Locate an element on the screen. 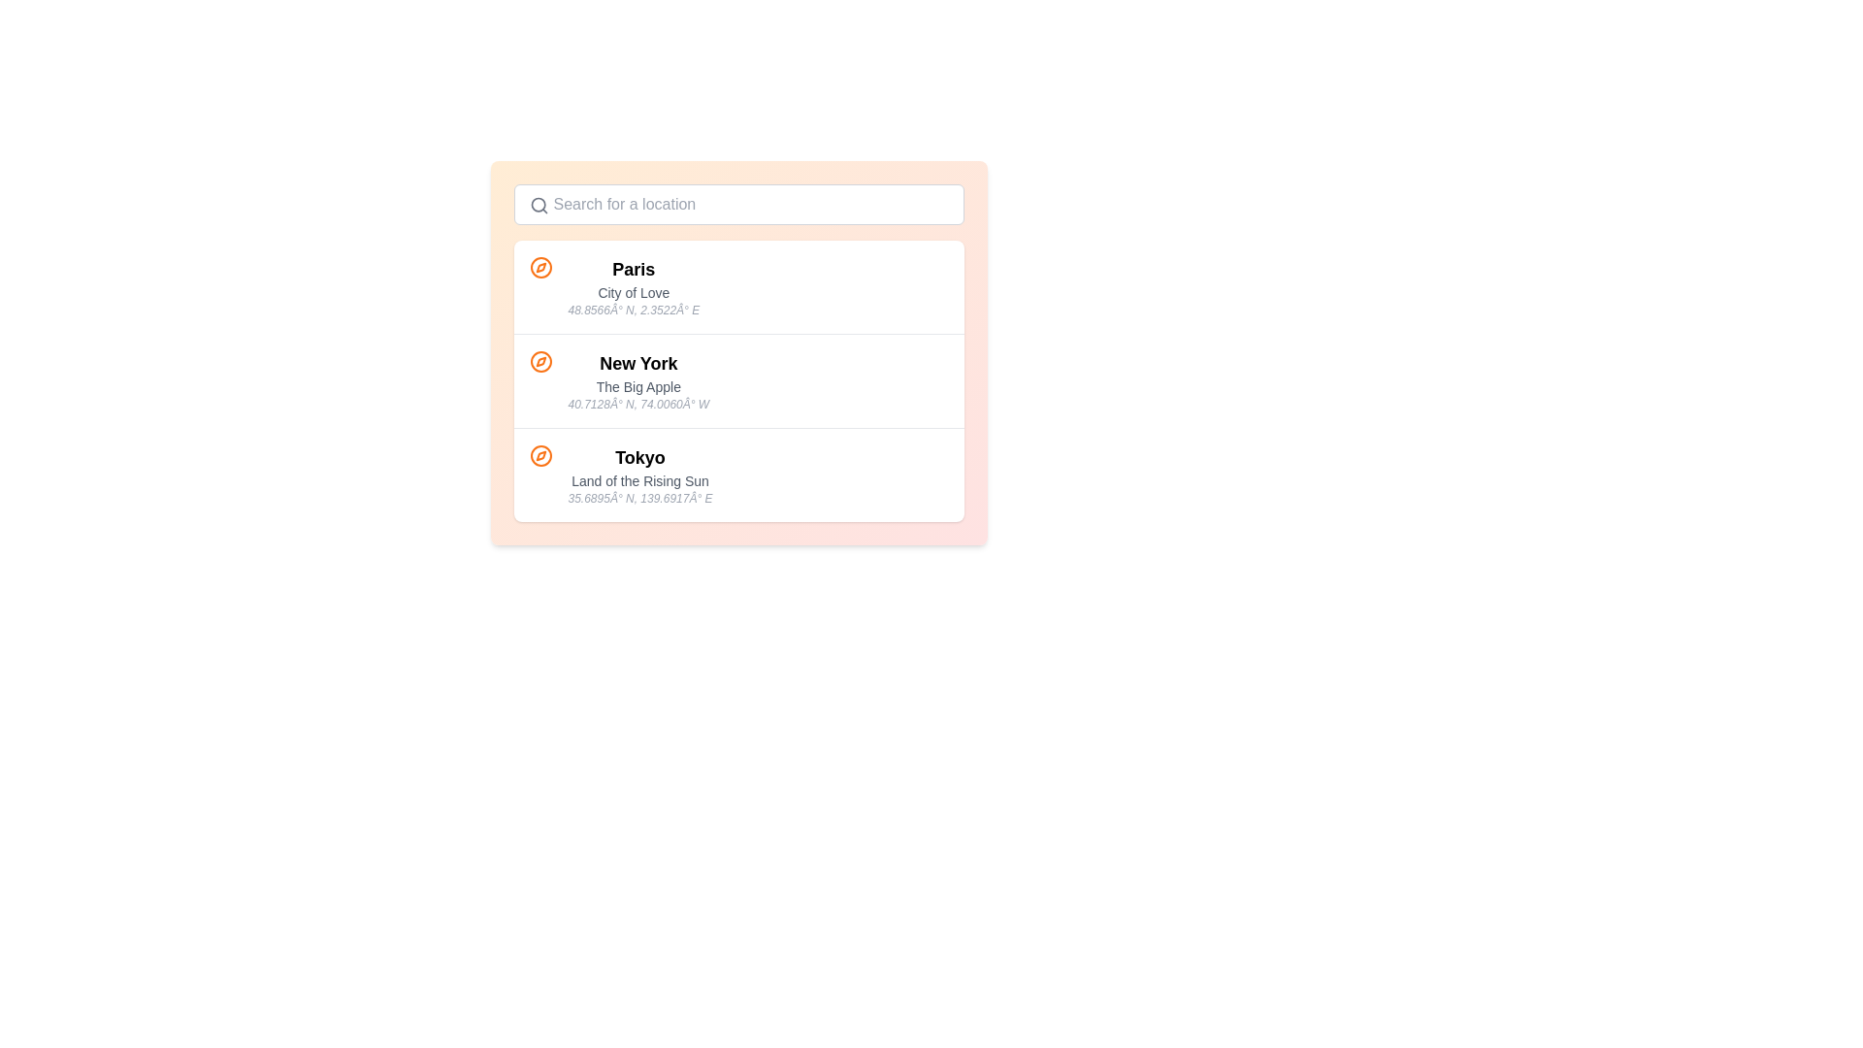  the orange compass icon located to the left of the text 'Paris', which is the first icon in a vertical list of city names is located at coordinates (540, 268).